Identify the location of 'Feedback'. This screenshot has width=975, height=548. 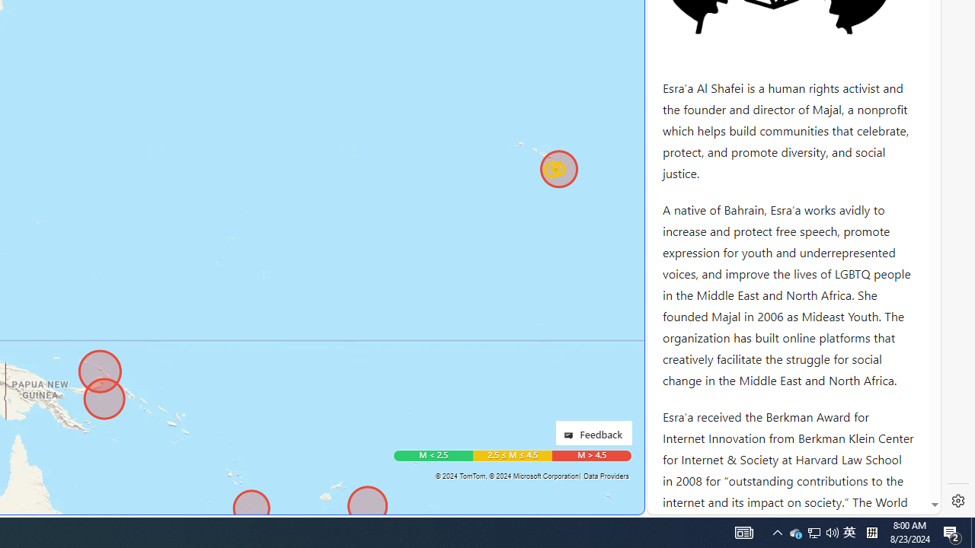
(593, 432).